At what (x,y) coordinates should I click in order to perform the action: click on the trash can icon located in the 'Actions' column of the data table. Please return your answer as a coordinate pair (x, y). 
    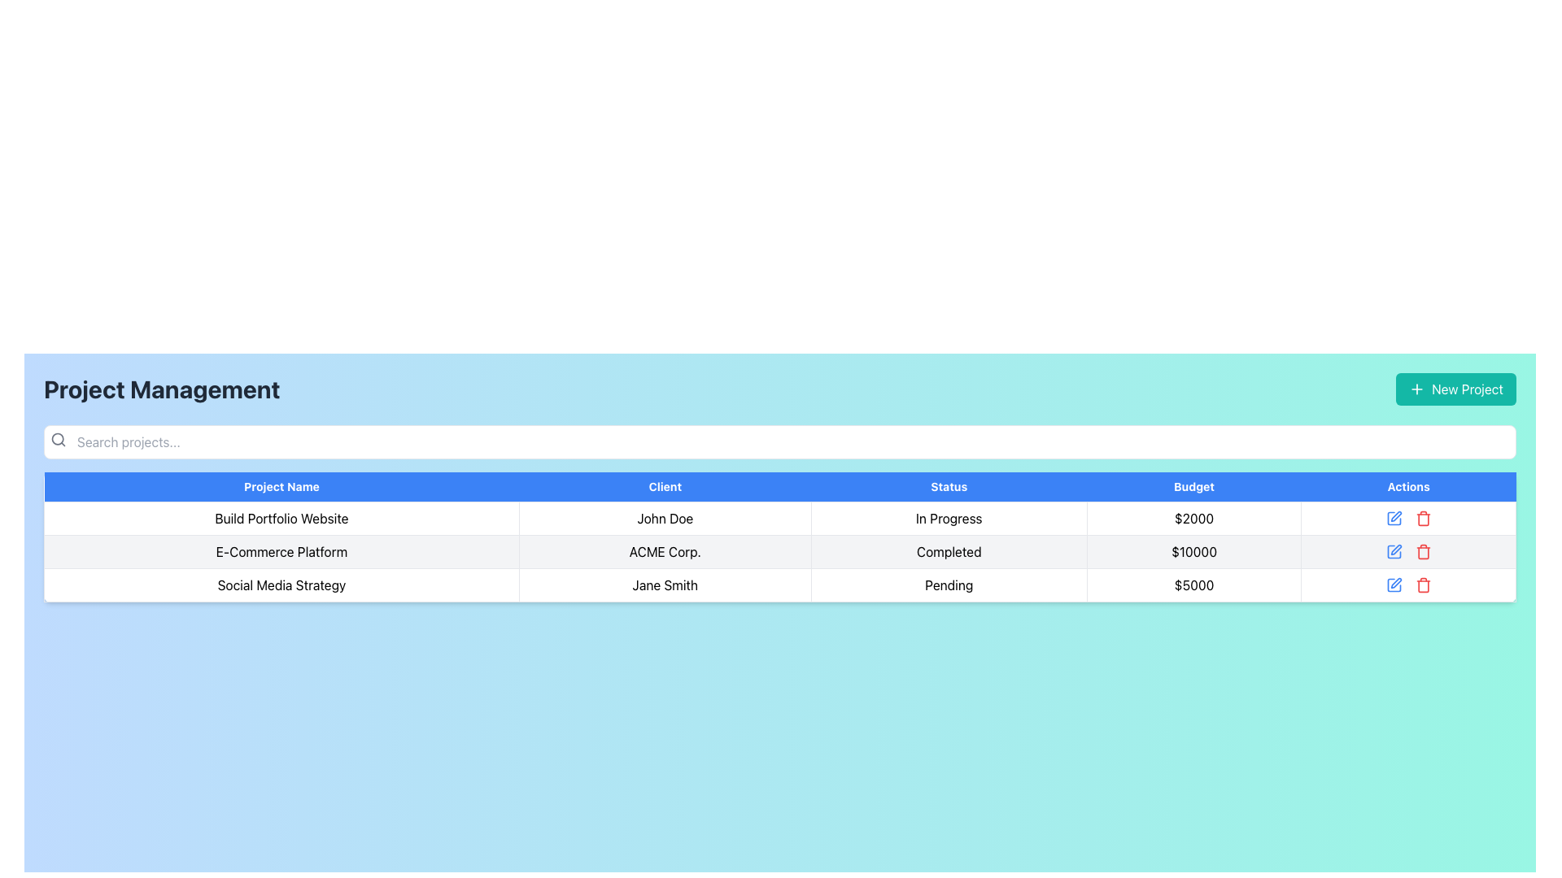
    Looking at the image, I should click on (1422, 519).